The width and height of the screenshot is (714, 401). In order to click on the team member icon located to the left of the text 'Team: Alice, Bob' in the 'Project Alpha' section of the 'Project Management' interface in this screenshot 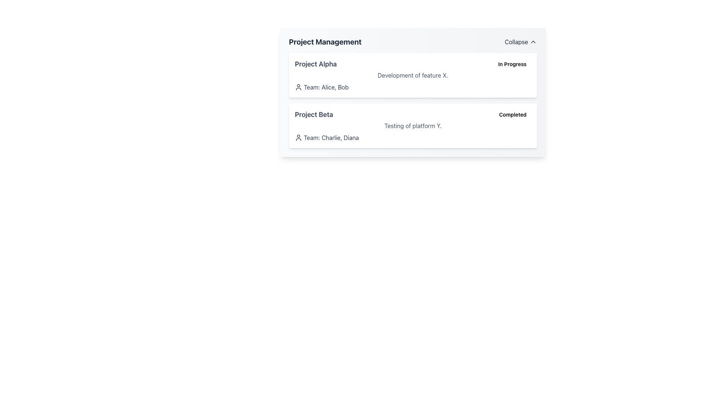, I will do `click(298, 87)`.